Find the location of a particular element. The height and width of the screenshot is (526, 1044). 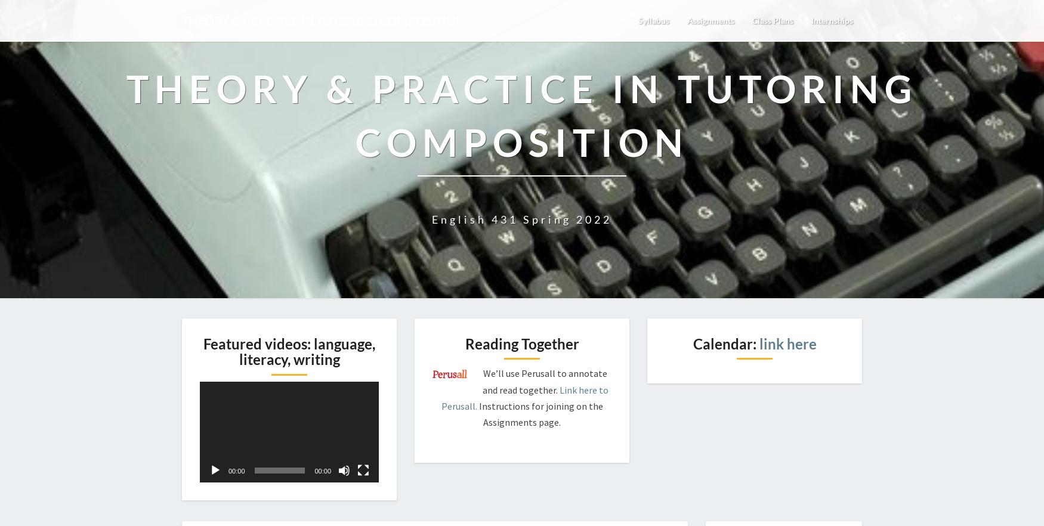

'Syllabus' is located at coordinates (632, 20).